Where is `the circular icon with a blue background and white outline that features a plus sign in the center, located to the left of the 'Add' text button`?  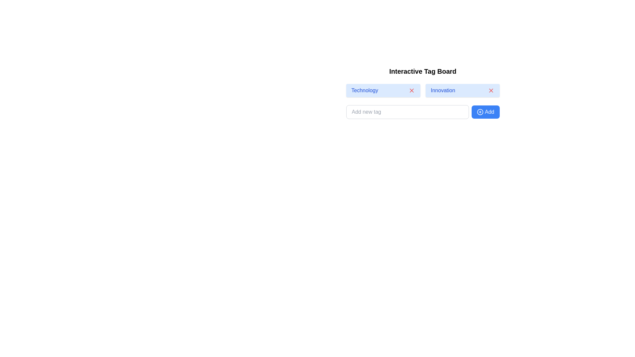
the circular icon with a blue background and white outline that features a plus sign in the center, located to the left of the 'Add' text button is located at coordinates (480, 112).